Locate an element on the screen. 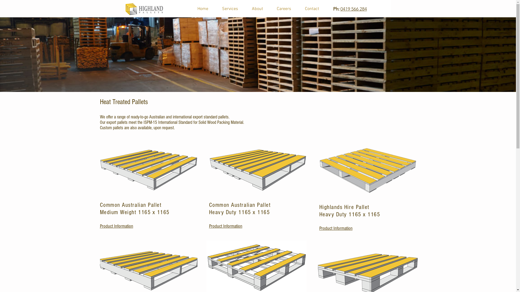 This screenshot has height=292, width=520. 'Home' is located at coordinates (191, 9).